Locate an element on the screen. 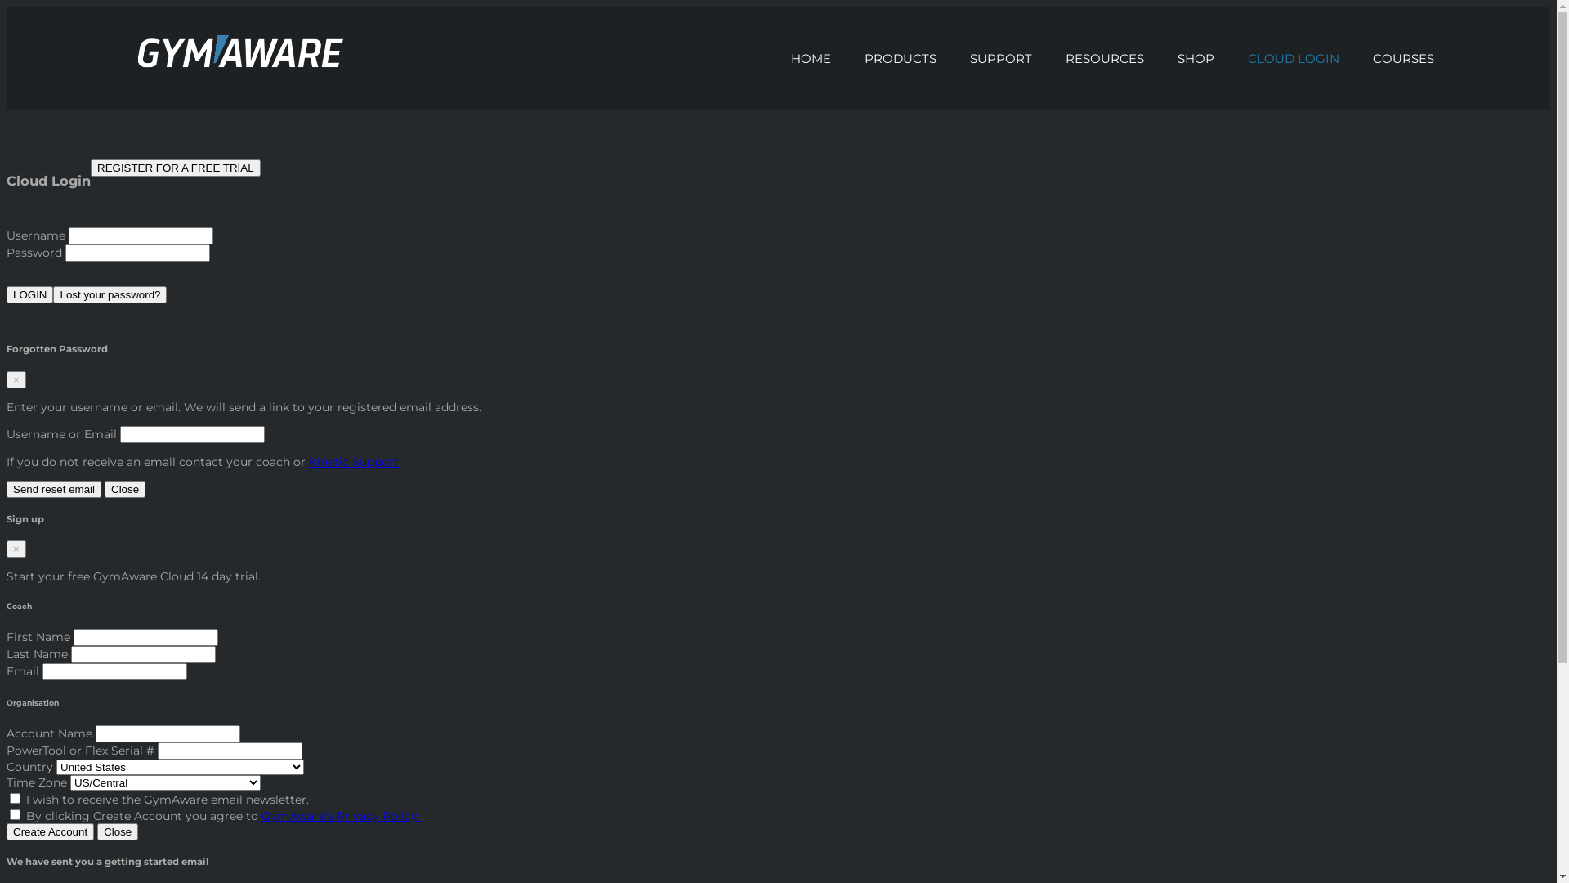 The height and width of the screenshot is (883, 1569). 'PRODUCTS' is located at coordinates (900, 57).